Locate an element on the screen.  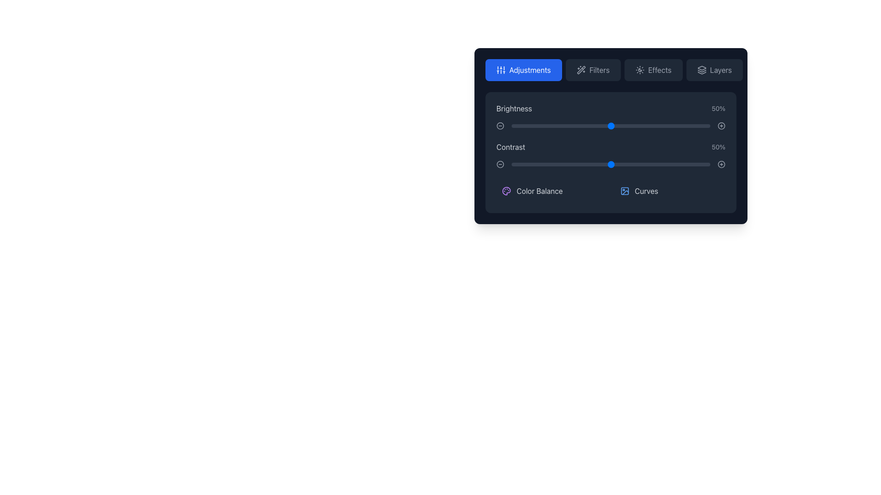
Brightness slider is located at coordinates (609, 126).